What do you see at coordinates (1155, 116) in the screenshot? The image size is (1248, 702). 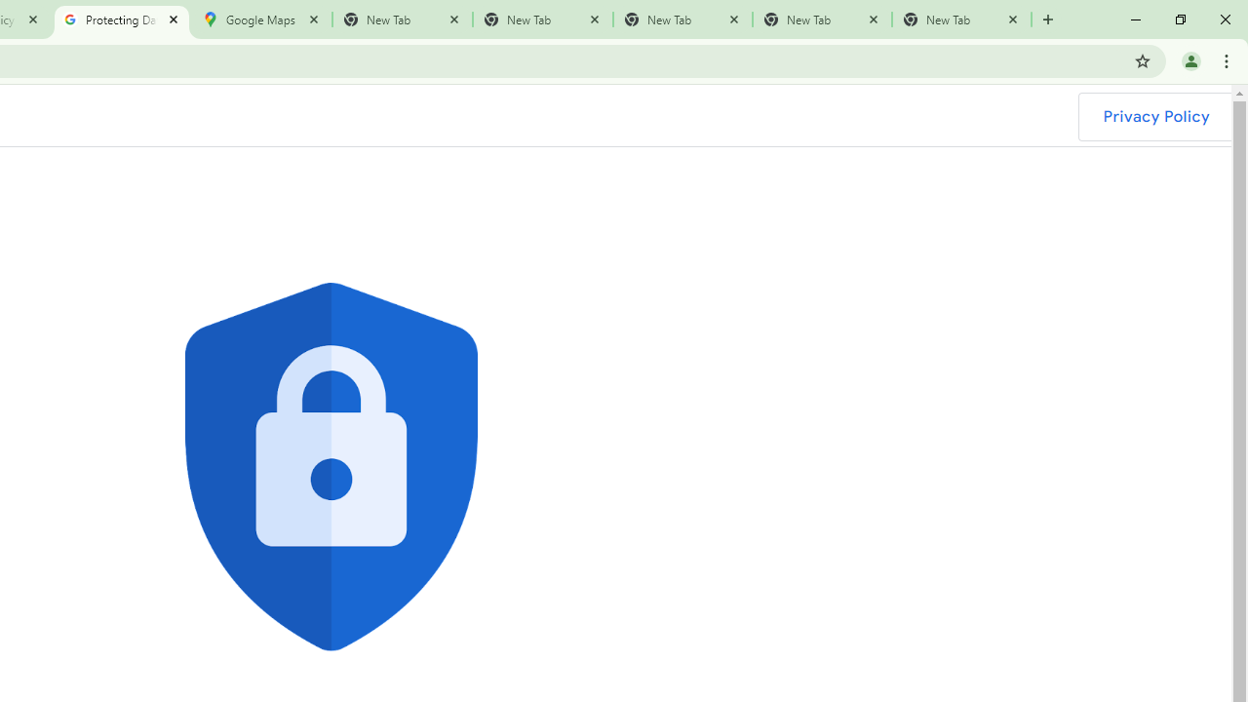 I see `'Privacy Policy'` at bounding box center [1155, 116].